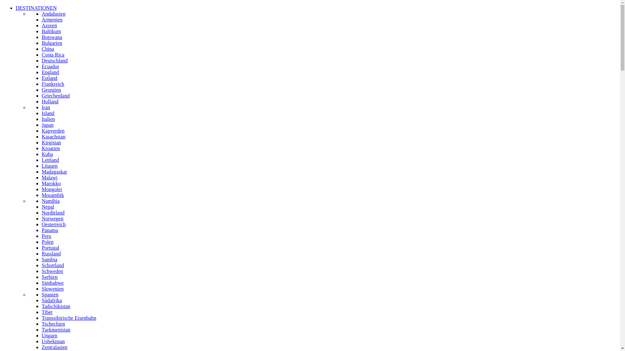 Image resolution: width=625 pixels, height=351 pixels. I want to click on 'Mongolei', so click(51, 189).